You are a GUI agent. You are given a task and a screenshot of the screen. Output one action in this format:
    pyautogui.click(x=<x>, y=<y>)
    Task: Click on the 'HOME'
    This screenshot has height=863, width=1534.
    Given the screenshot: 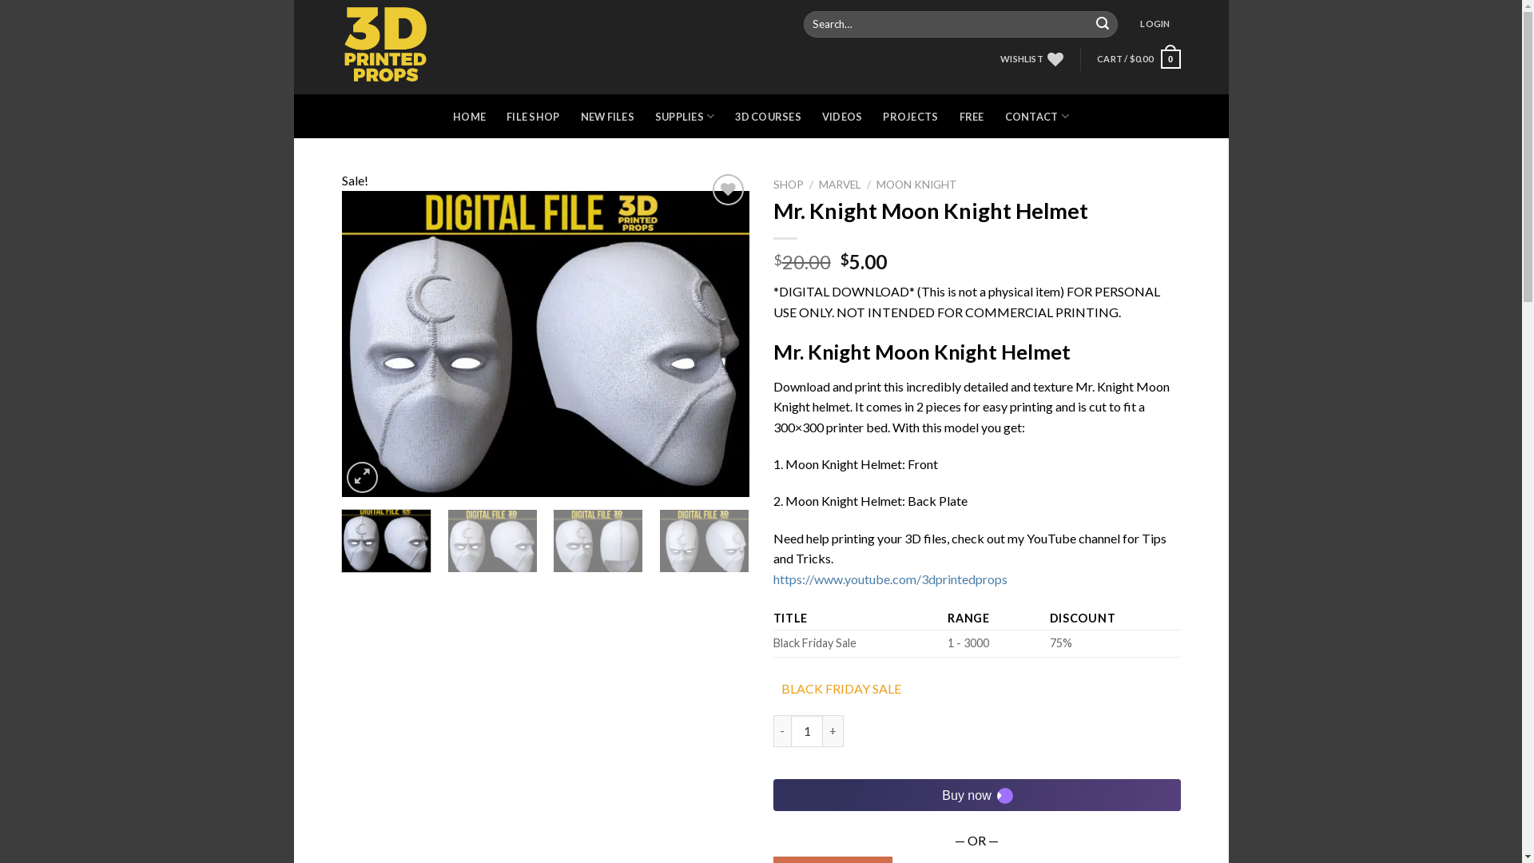 What is the action you would take?
    pyautogui.click(x=468, y=116)
    